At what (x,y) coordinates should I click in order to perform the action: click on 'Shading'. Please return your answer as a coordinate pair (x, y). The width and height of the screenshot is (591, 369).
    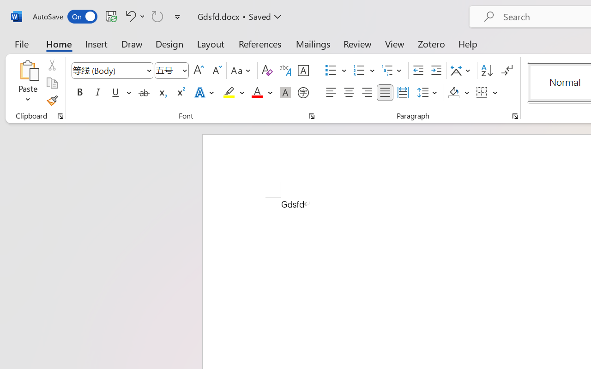
    Looking at the image, I should click on (458, 93).